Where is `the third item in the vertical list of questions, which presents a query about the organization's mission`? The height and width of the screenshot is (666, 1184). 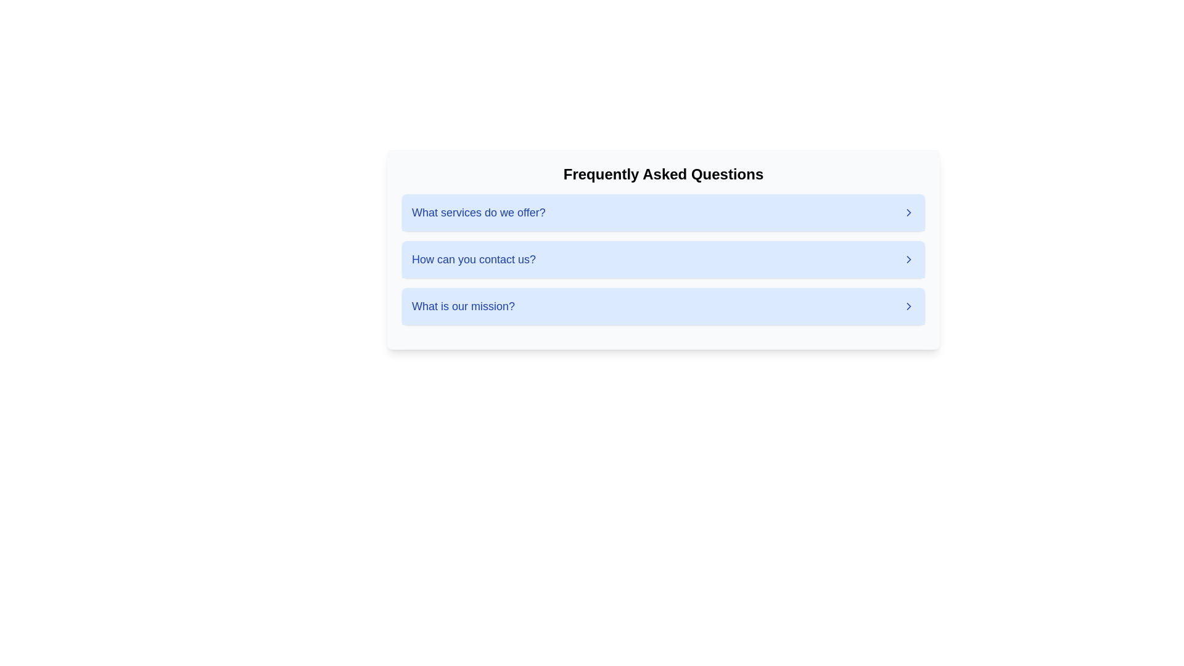 the third item in the vertical list of questions, which presents a query about the organization's mission is located at coordinates (662, 306).